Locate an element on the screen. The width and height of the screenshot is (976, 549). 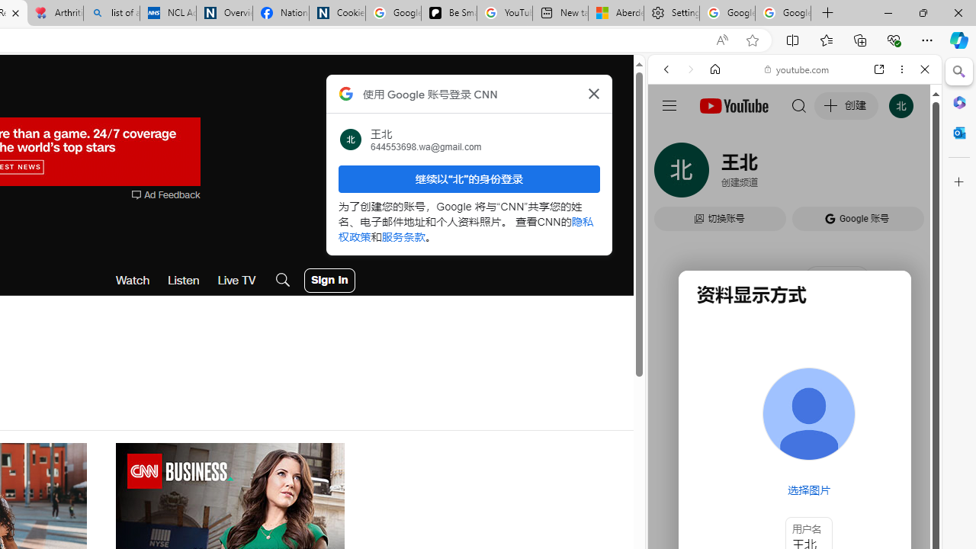
'#you' is located at coordinates (794, 339).